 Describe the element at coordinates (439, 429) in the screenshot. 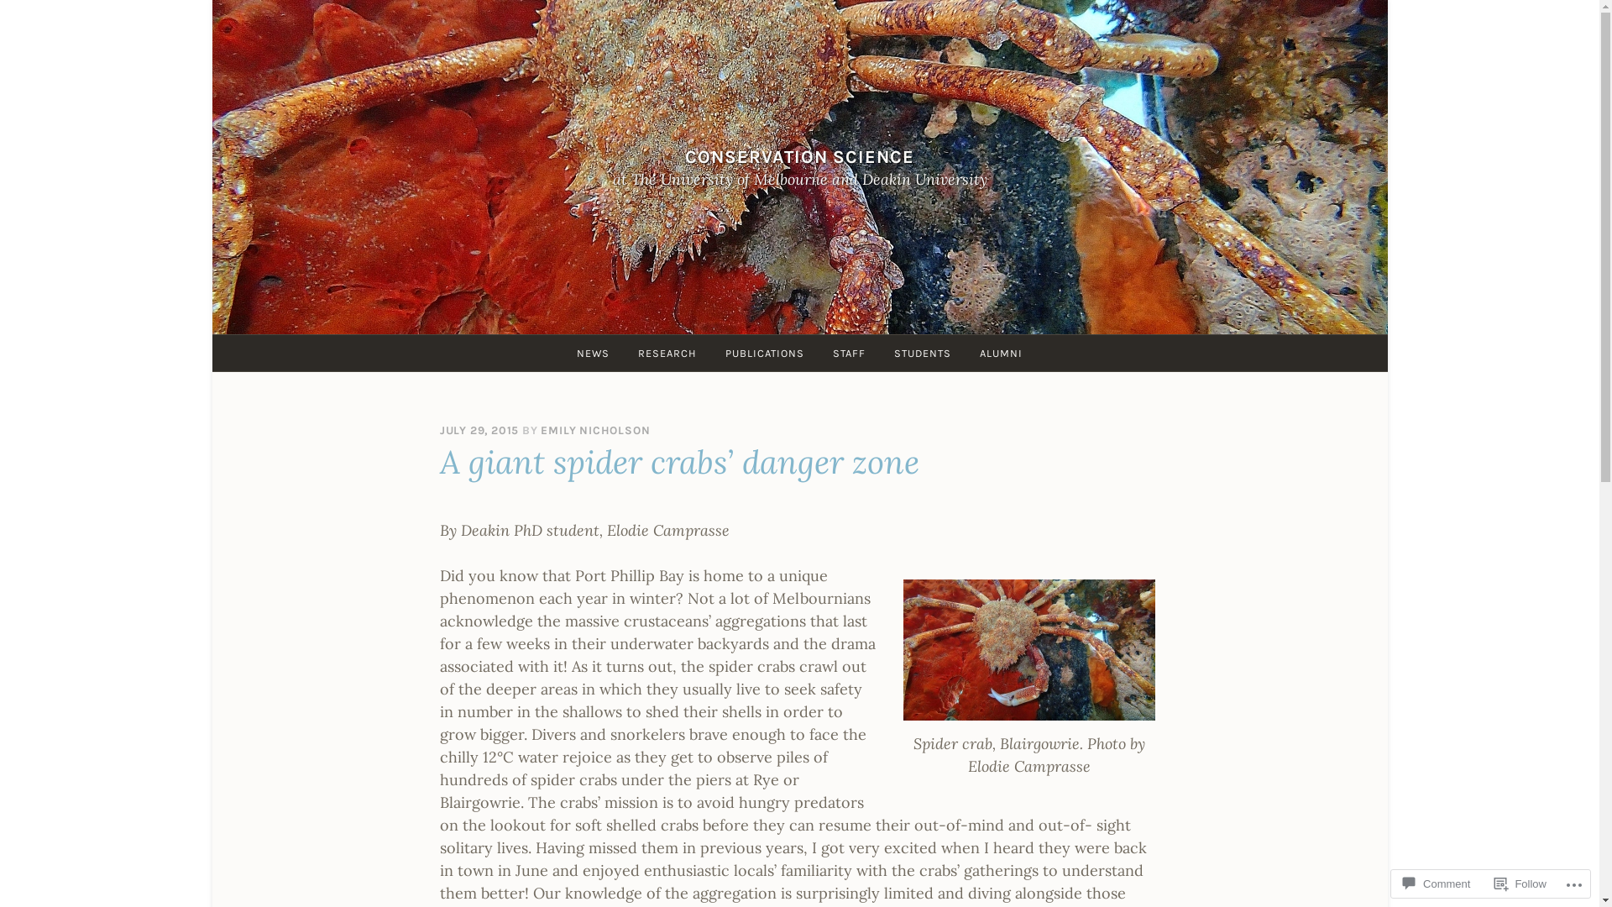

I see `'JULY 29, 2015'` at that location.